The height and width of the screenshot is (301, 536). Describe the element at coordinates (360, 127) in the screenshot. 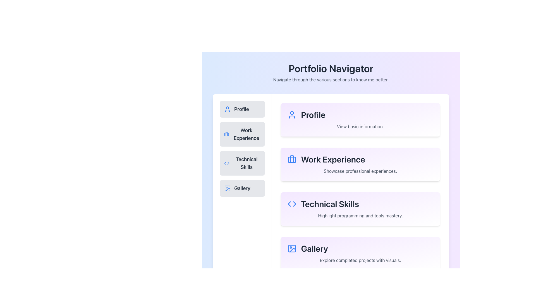

I see `the descriptive text label providing additional information about the 'Profile' section, which is located below the title text and to the right of an icon` at that location.